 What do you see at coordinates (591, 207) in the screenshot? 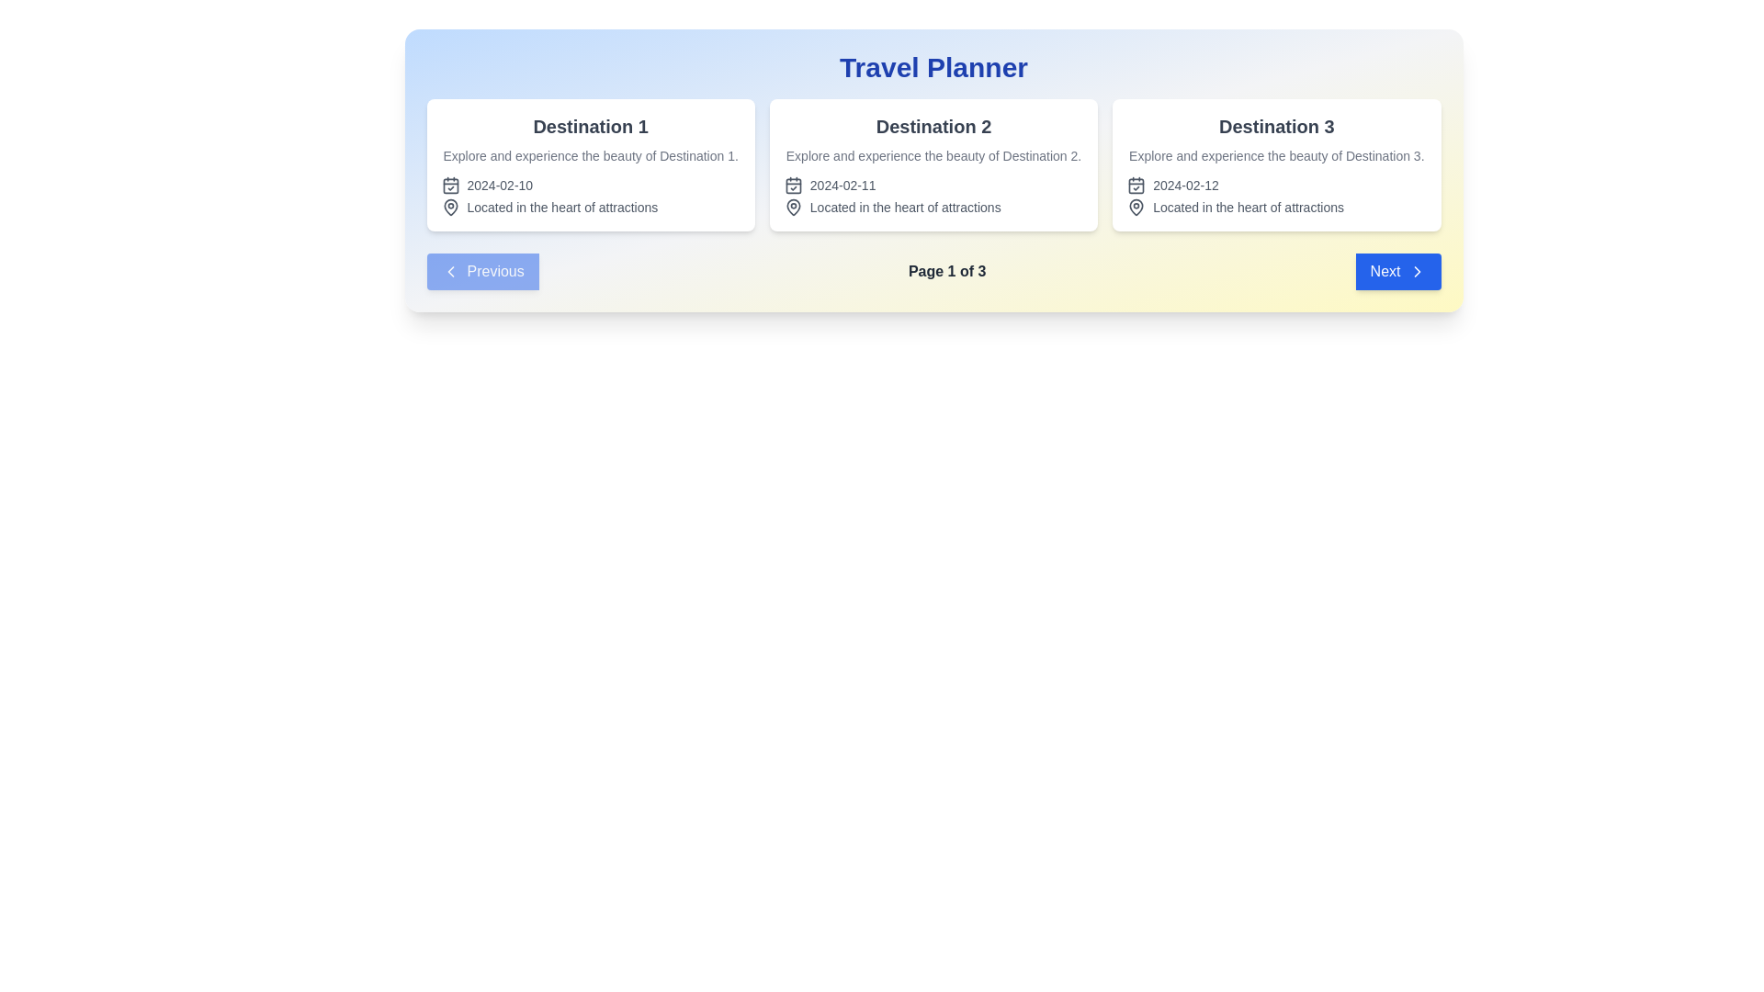
I see `the Text label with an embedded icon that provides contextual information regarding 'Destination 1', located in the bottom portion of the card titled 'Destination 1'` at bounding box center [591, 207].